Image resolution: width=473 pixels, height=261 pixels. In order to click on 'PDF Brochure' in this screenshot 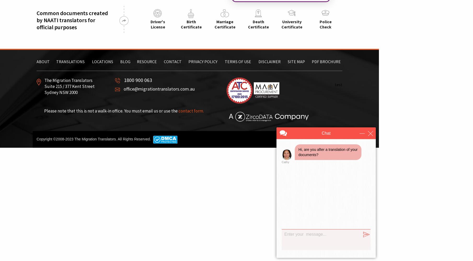, I will do `click(326, 61)`.